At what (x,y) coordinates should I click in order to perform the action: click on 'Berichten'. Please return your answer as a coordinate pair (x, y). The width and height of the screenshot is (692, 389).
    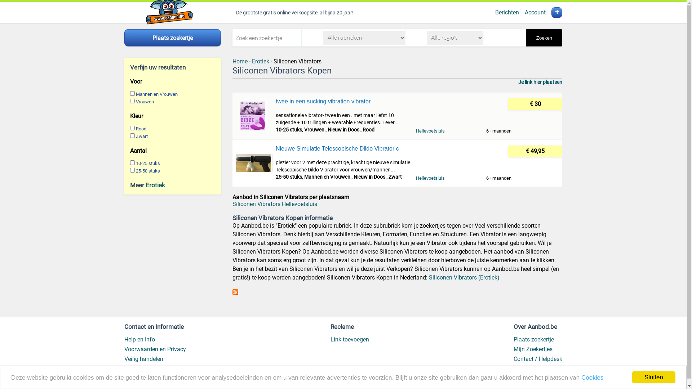
    Looking at the image, I should click on (506, 12).